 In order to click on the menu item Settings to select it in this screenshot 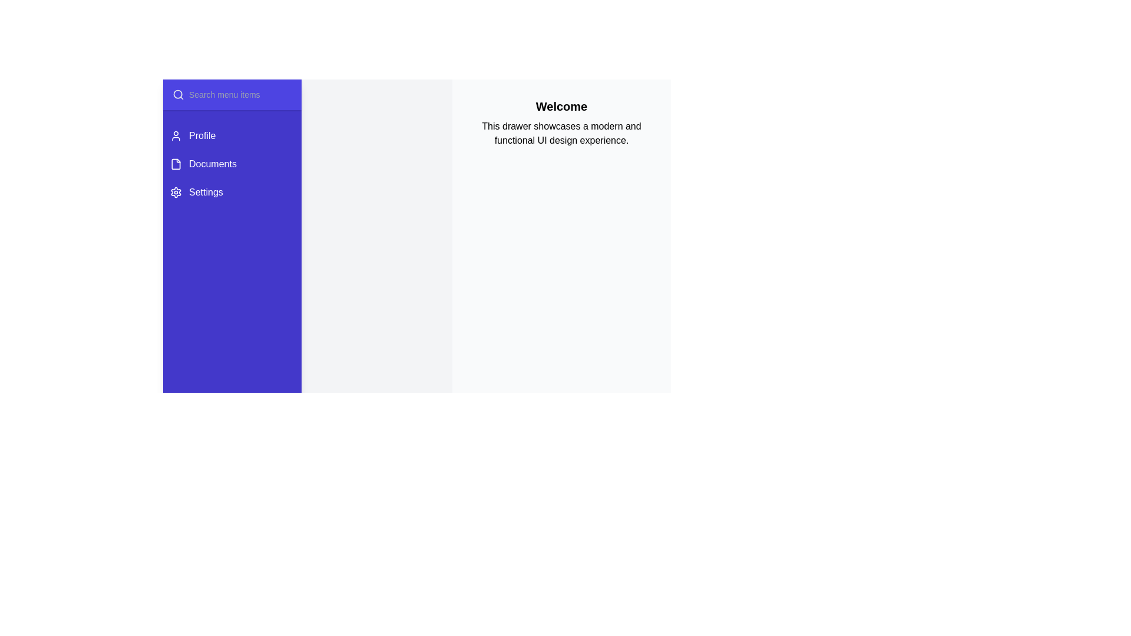, I will do `click(232, 192)`.